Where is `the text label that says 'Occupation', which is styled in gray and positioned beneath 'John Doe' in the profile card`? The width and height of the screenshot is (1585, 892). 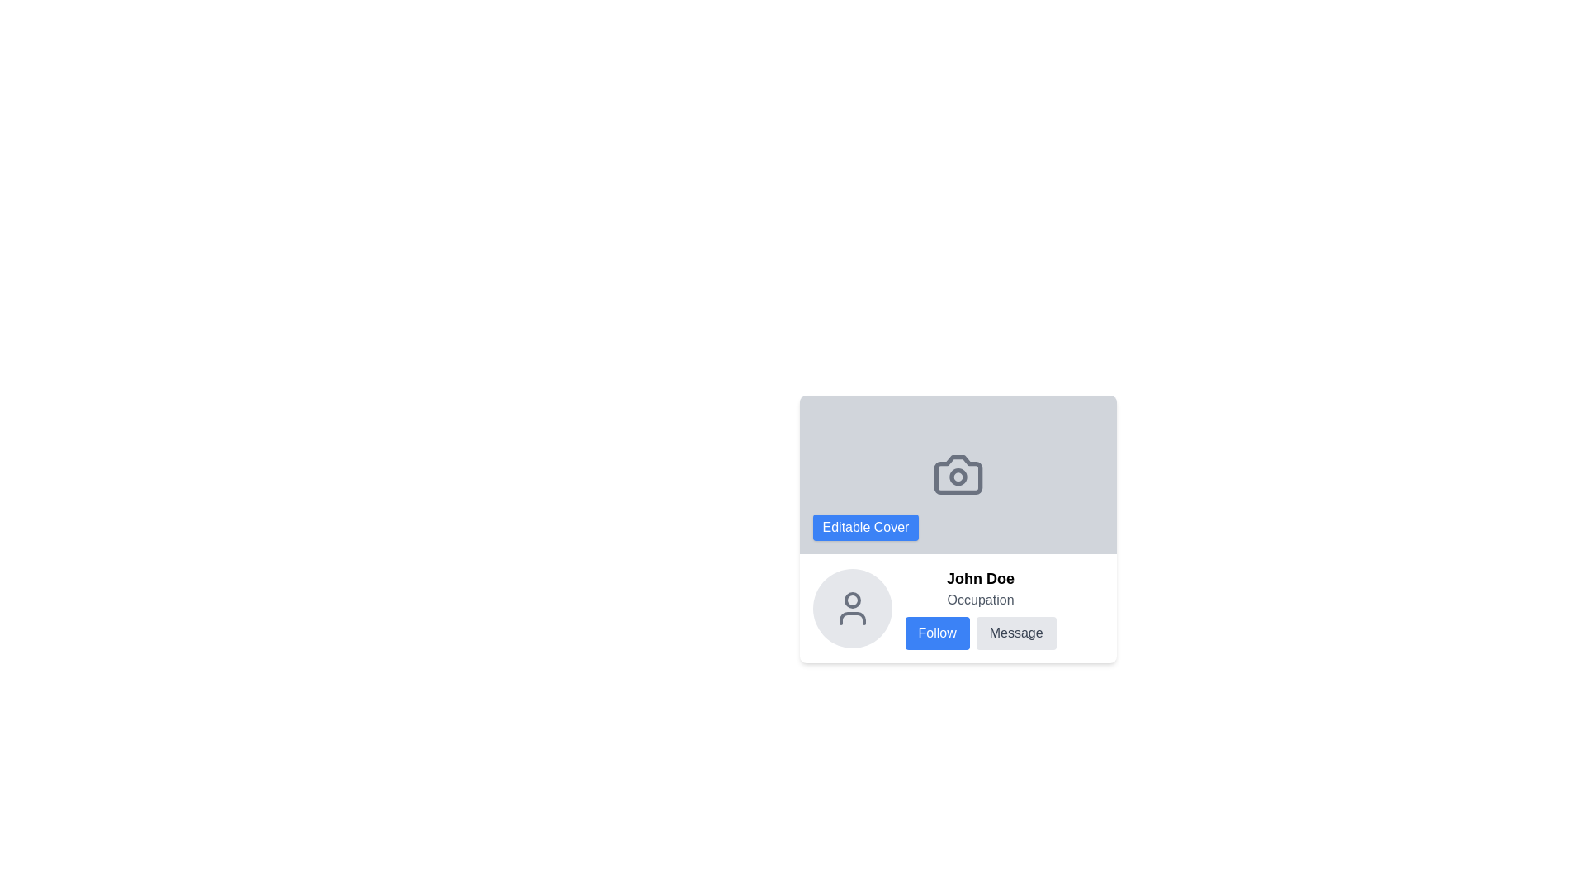
the text label that says 'Occupation', which is styled in gray and positioned beneath 'John Doe' in the profile card is located at coordinates (981, 600).